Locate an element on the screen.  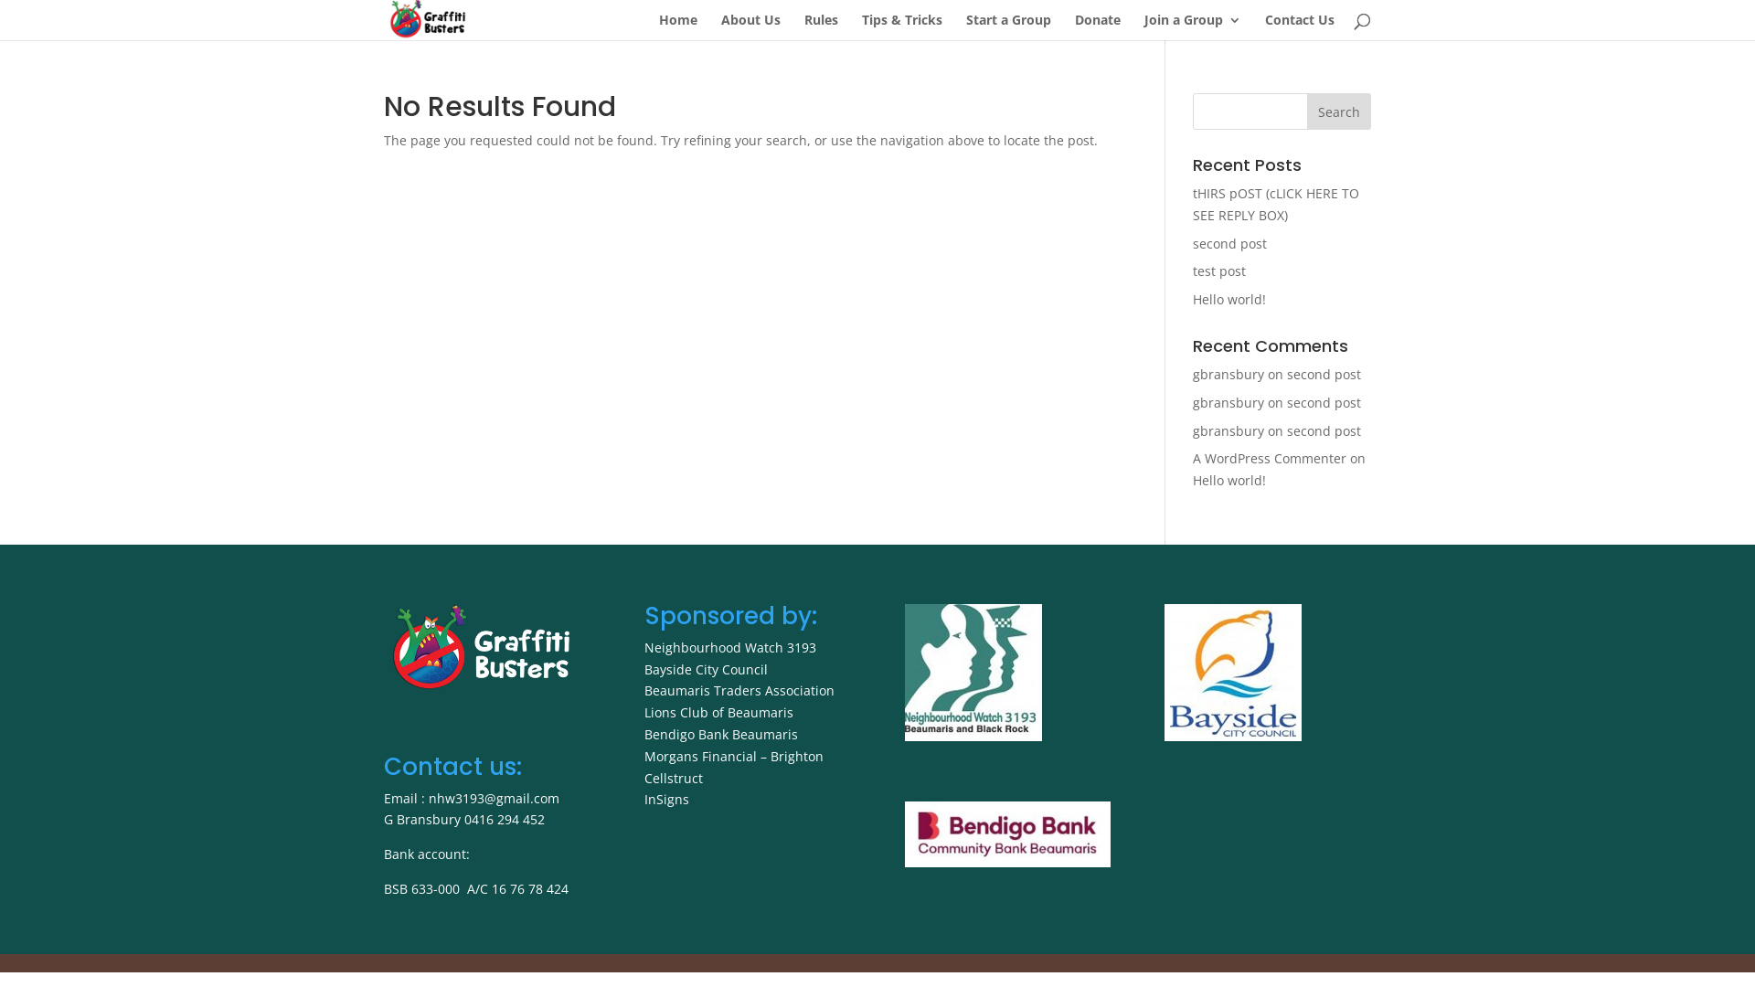
'Join a Group' is located at coordinates (1193, 27).